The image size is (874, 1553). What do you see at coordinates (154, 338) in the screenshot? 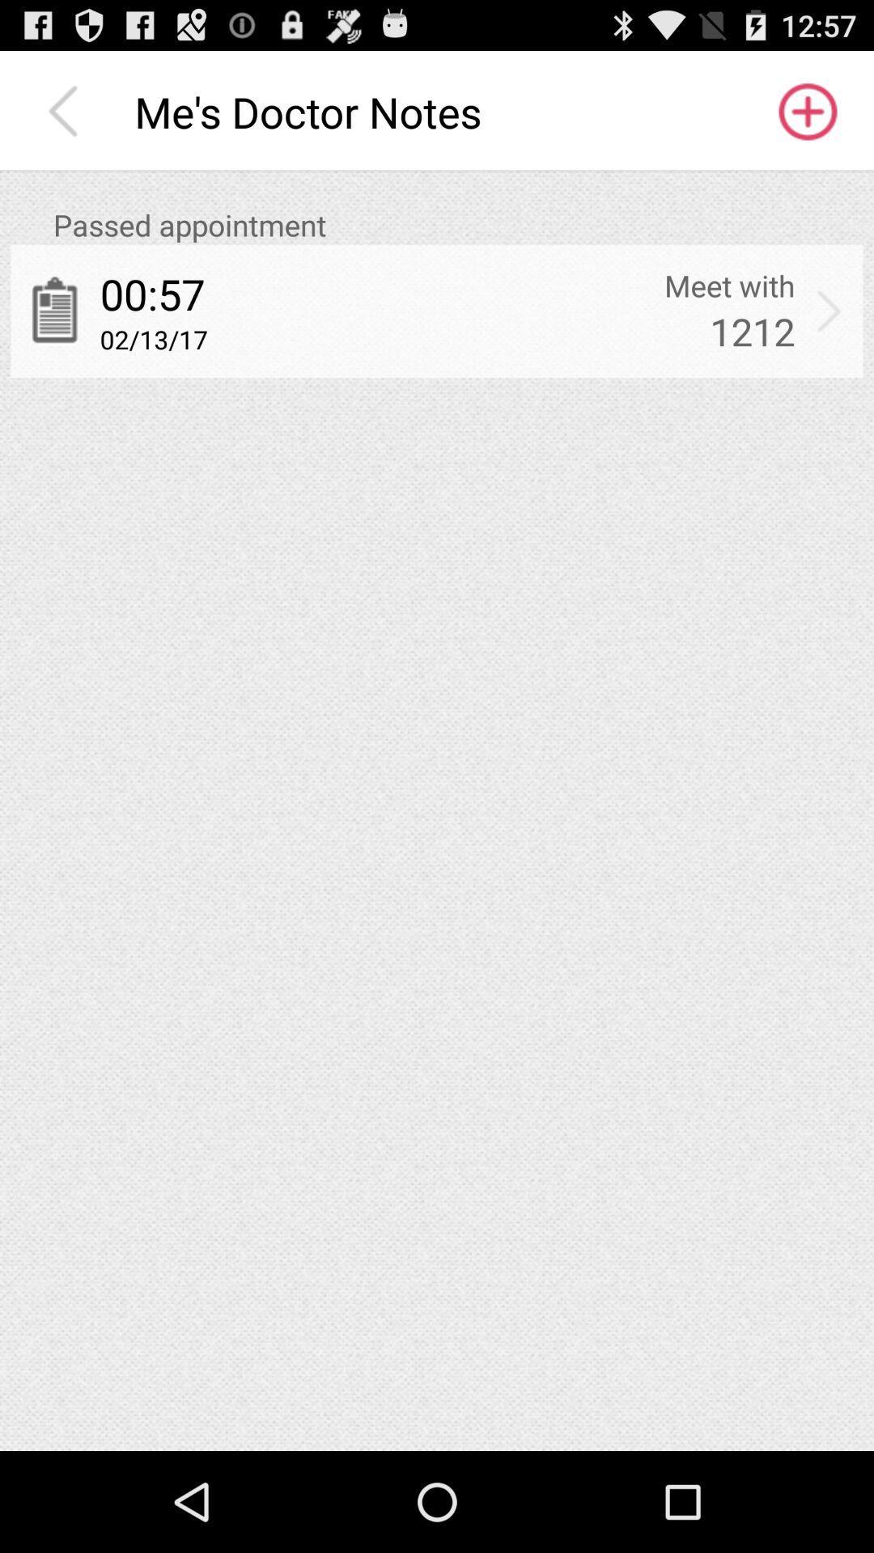
I see `item to the left of 1212 app` at bounding box center [154, 338].